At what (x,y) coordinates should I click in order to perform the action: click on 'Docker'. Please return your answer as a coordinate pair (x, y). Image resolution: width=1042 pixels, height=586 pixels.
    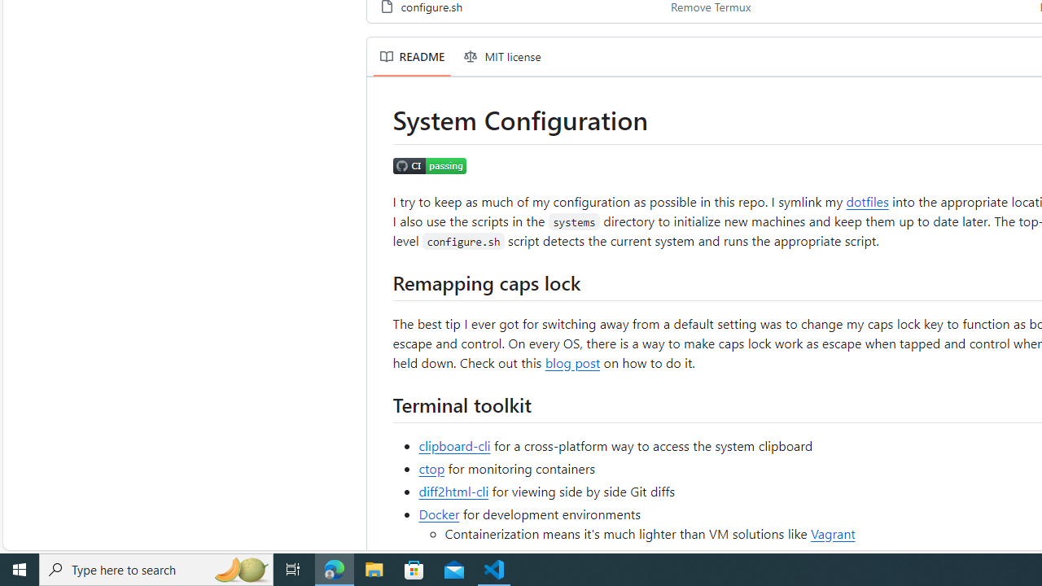
    Looking at the image, I should click on (439, 514).